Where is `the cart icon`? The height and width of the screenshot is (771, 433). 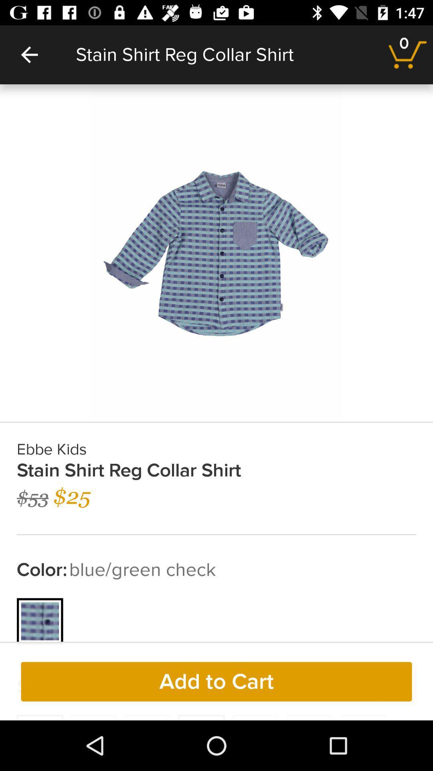
the cart icon is located at coordinates (408, 54).